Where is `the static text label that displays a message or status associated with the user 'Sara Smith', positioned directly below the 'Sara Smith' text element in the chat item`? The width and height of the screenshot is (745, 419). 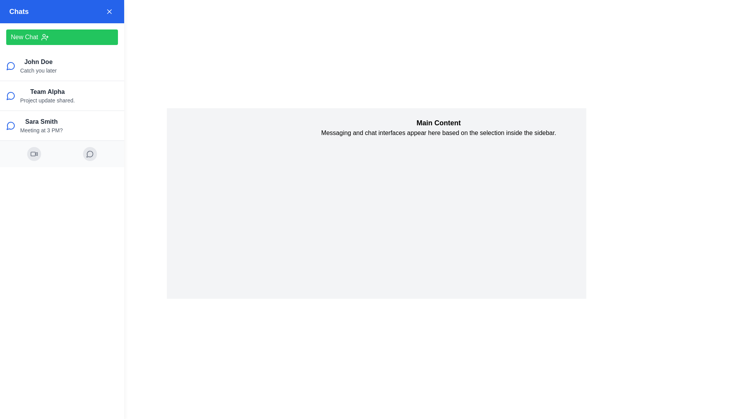
the static text label that displays a message or status associated with the user 'Sara Smith', positioned directly below the 'Sara Smith' text element in the chat item is located at coordinates (41, 130).